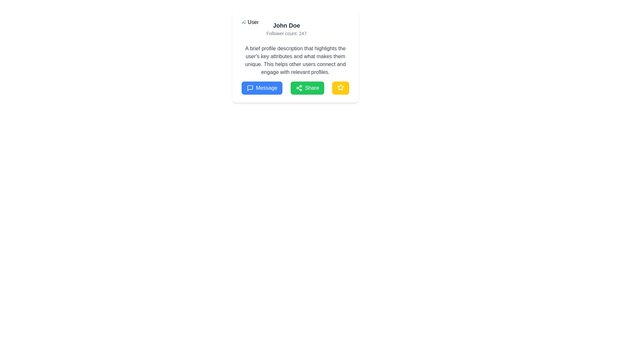 This screenshot has width=632, height=355. What do you see at coordinates (341, 87) in the screenshot?
I see `the star-shaped icon, which is the central visual component of the third button in a group of three buttons at the bottom of the user profile information card` at bounding box center [341, 87].